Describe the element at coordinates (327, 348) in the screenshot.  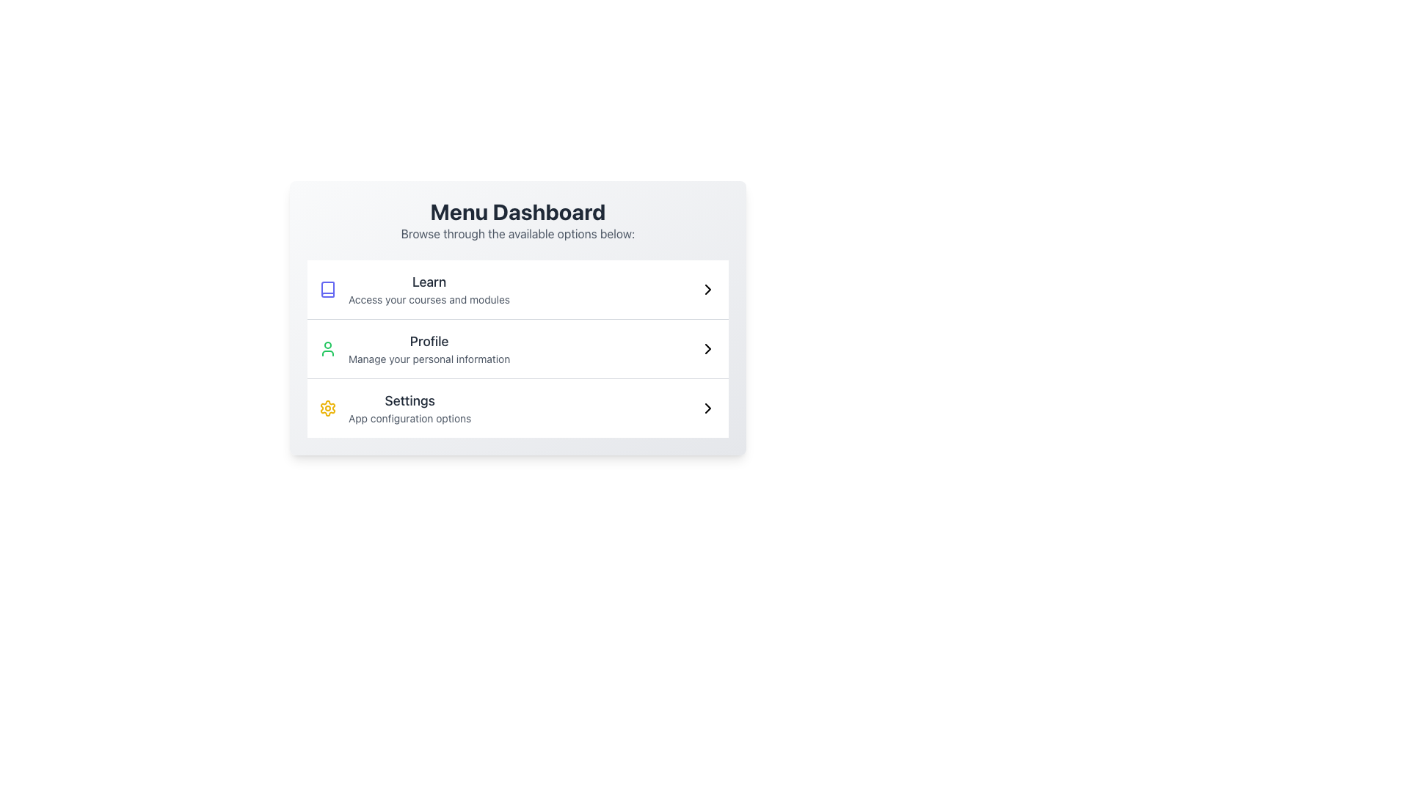
I see `the 'Profile' icon located to the left of the text 'Profile' in the menu dashboard` at that location.